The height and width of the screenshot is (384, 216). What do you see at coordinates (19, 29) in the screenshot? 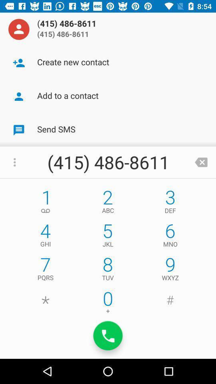
I see `icon to the left of (415) 486-8611 app` at bounding box center [19, 29].